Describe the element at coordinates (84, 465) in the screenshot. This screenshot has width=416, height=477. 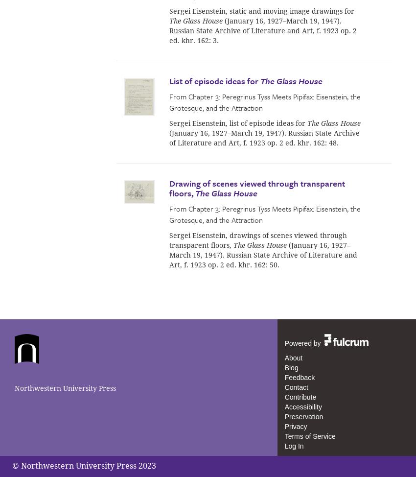
I see `'© Northwestern University Press 2023'` at that location.